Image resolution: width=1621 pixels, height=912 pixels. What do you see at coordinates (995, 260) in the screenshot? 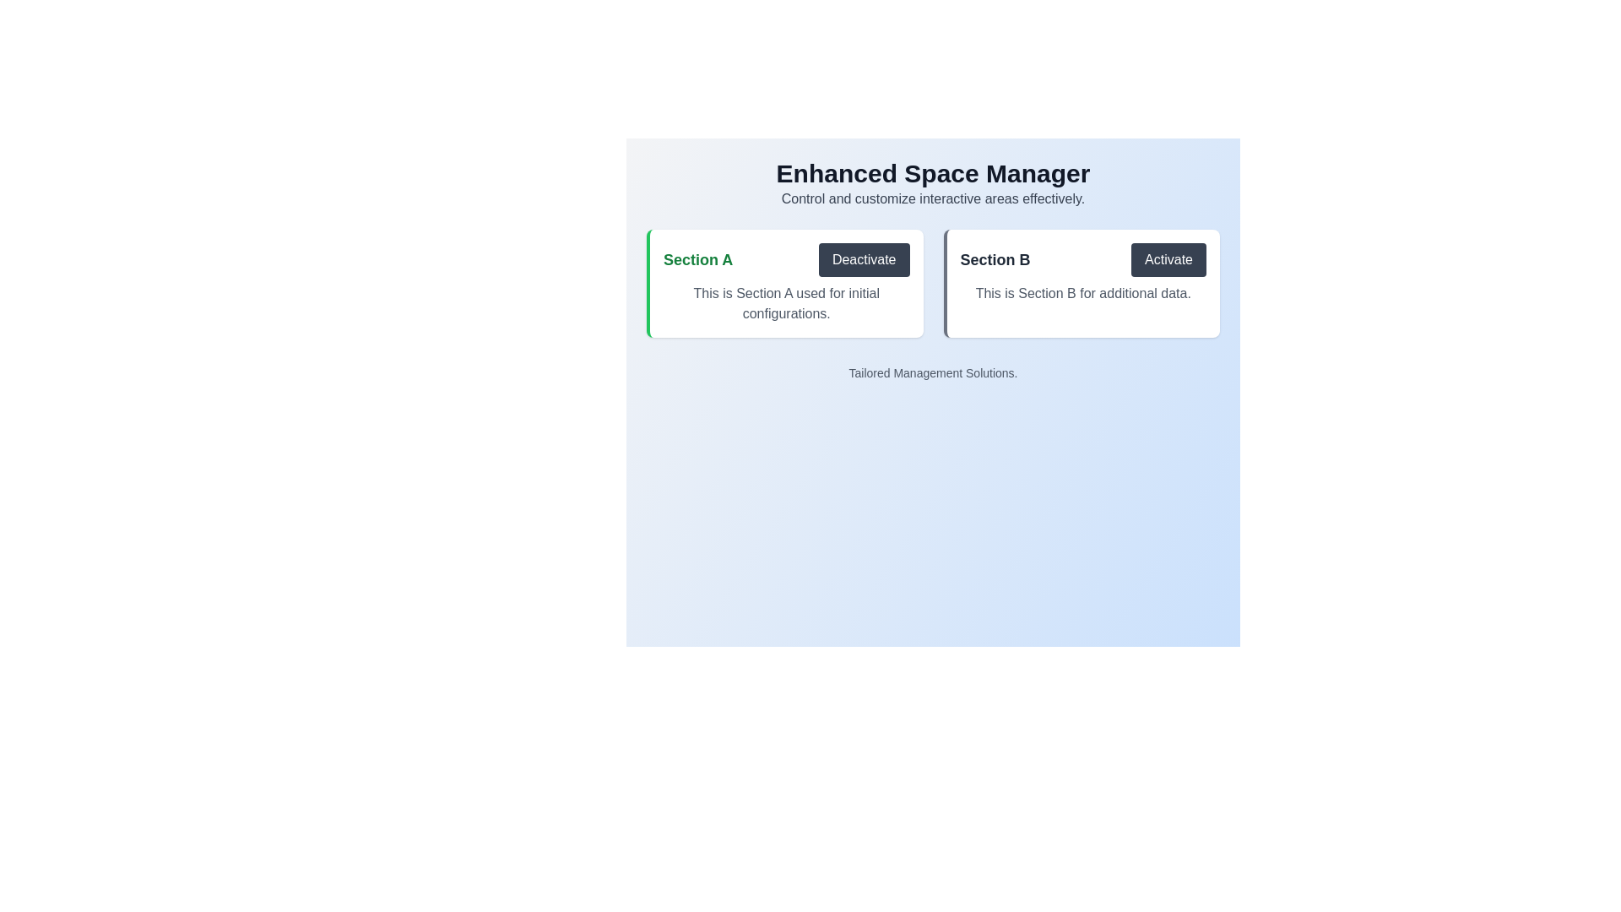
I see `the static text label that serves as a section title, located on the right half of the interface` at bounding box center [995, 260].